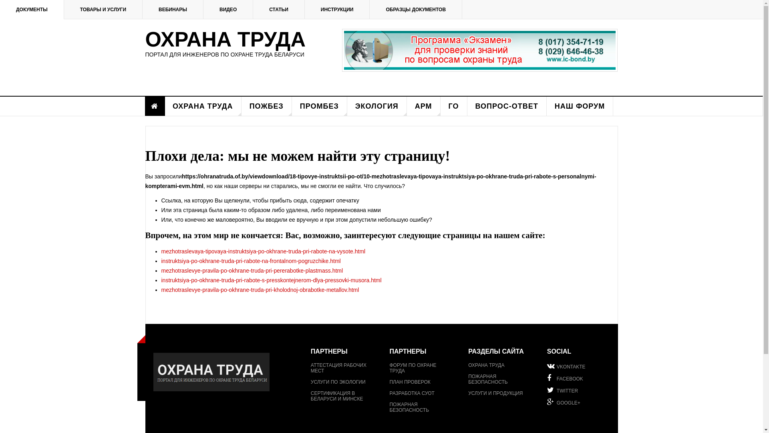 This screenshot has width=769, height=433. What do you see at coordinates (578, 402) in the screenshot?
I see `'GOOGLE+'` at bounding box center [578, 402].